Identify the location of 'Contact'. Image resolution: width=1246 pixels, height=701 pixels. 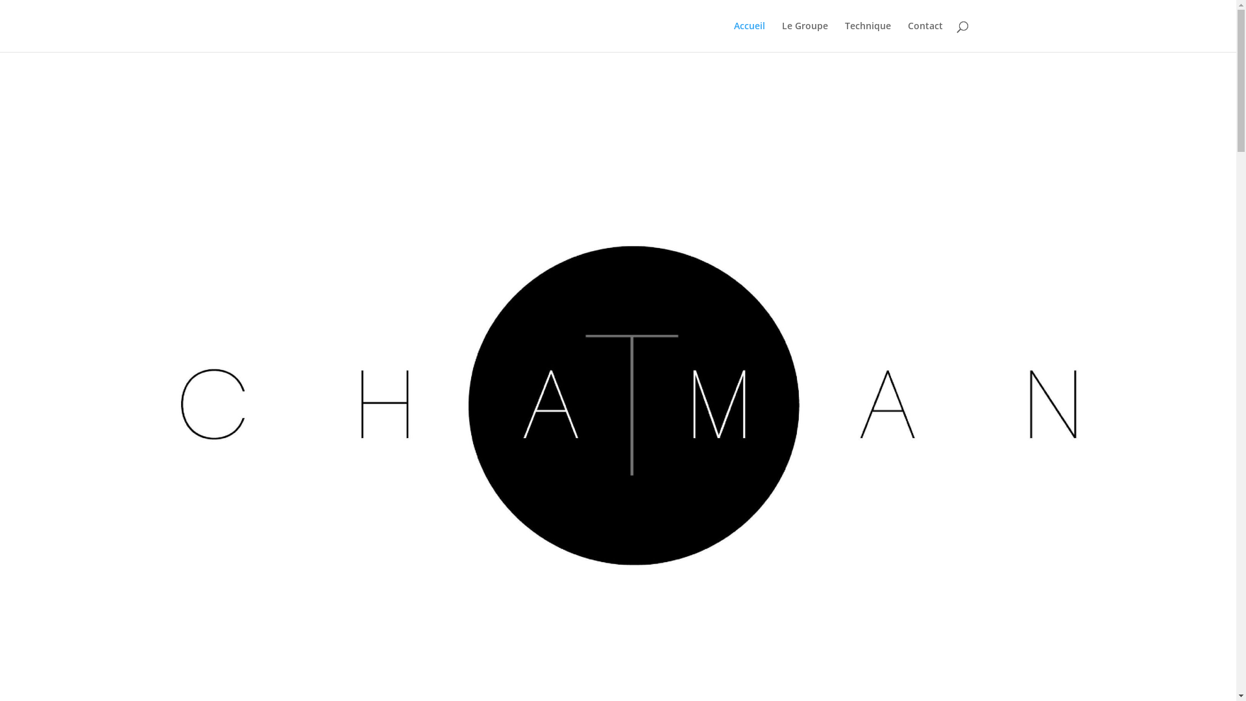
(924, 36).